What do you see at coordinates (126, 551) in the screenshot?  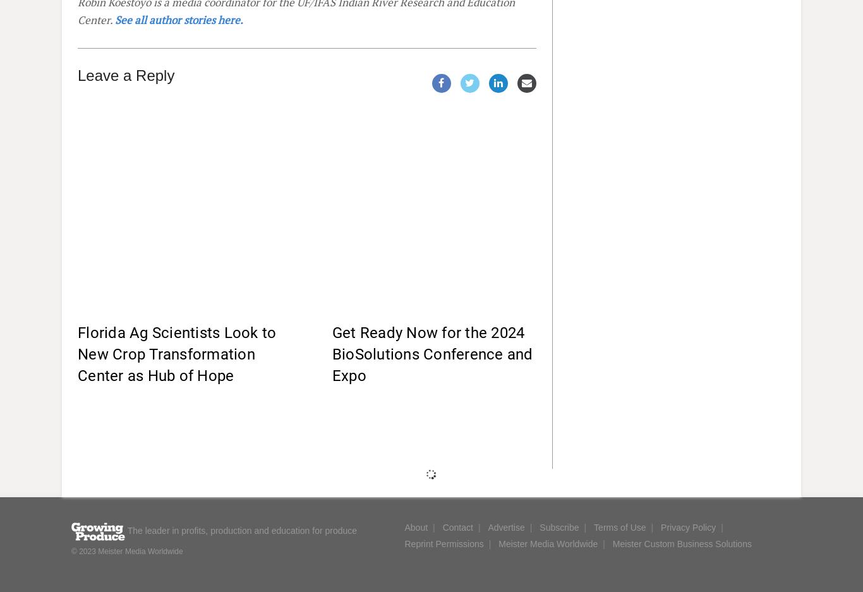 I see `'© 2023 Meister Media Worldwide'` at bounding box center [126, 551].